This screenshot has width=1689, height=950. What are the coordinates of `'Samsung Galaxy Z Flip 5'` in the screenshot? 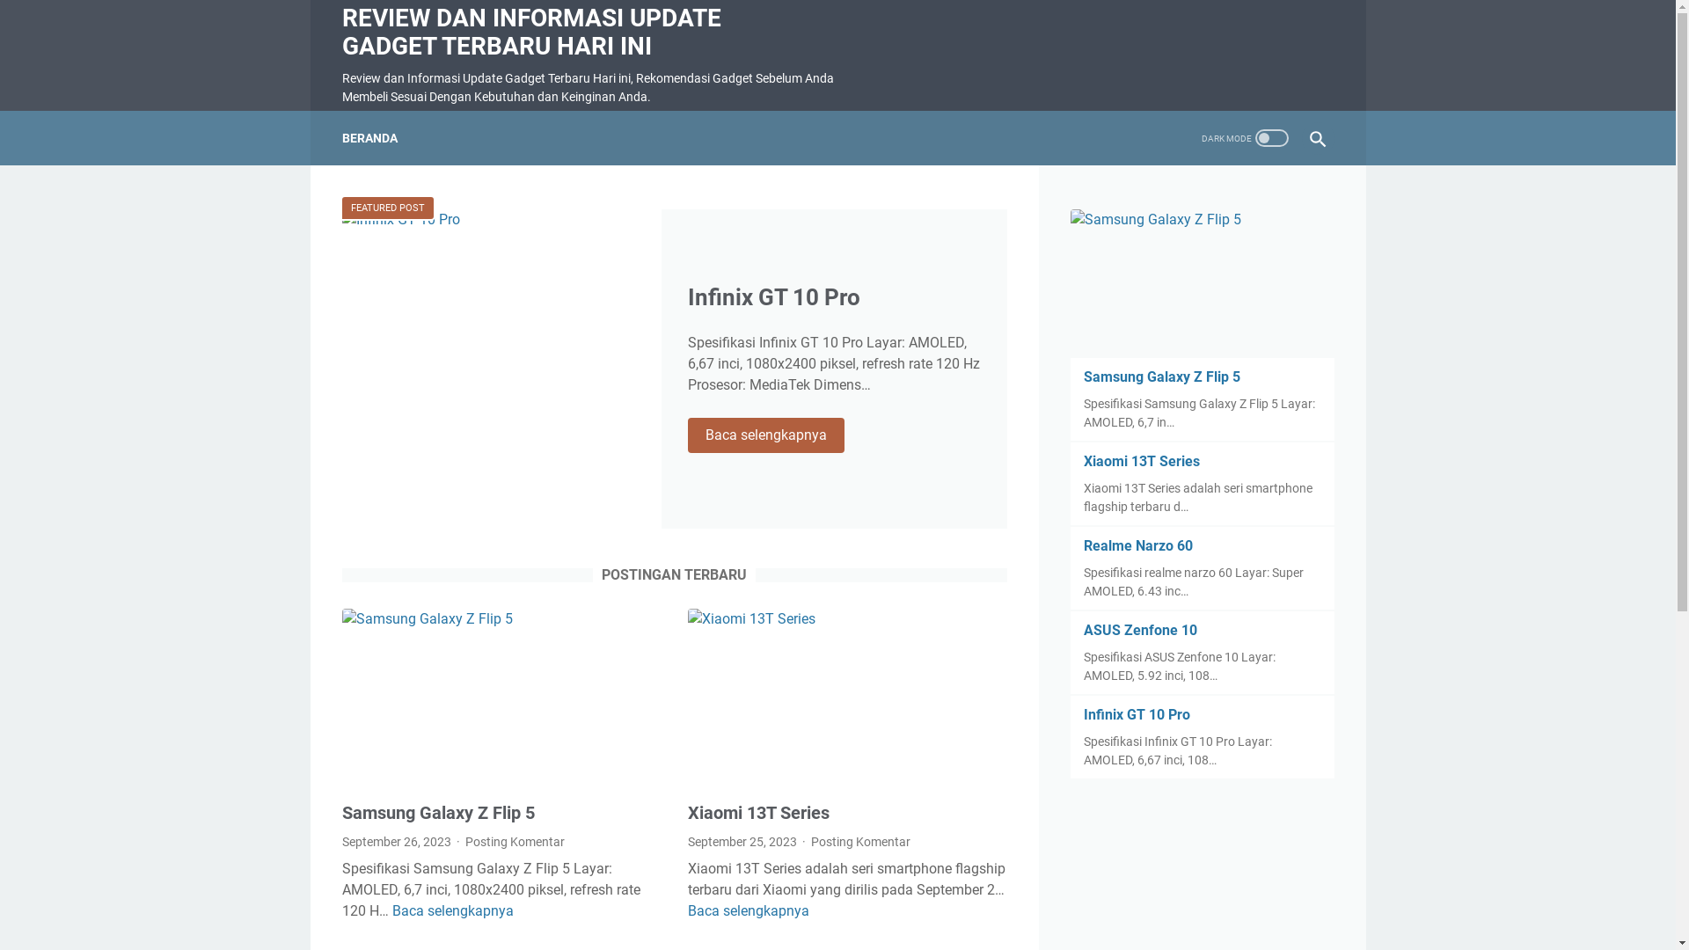 It's located at (1083, 376).